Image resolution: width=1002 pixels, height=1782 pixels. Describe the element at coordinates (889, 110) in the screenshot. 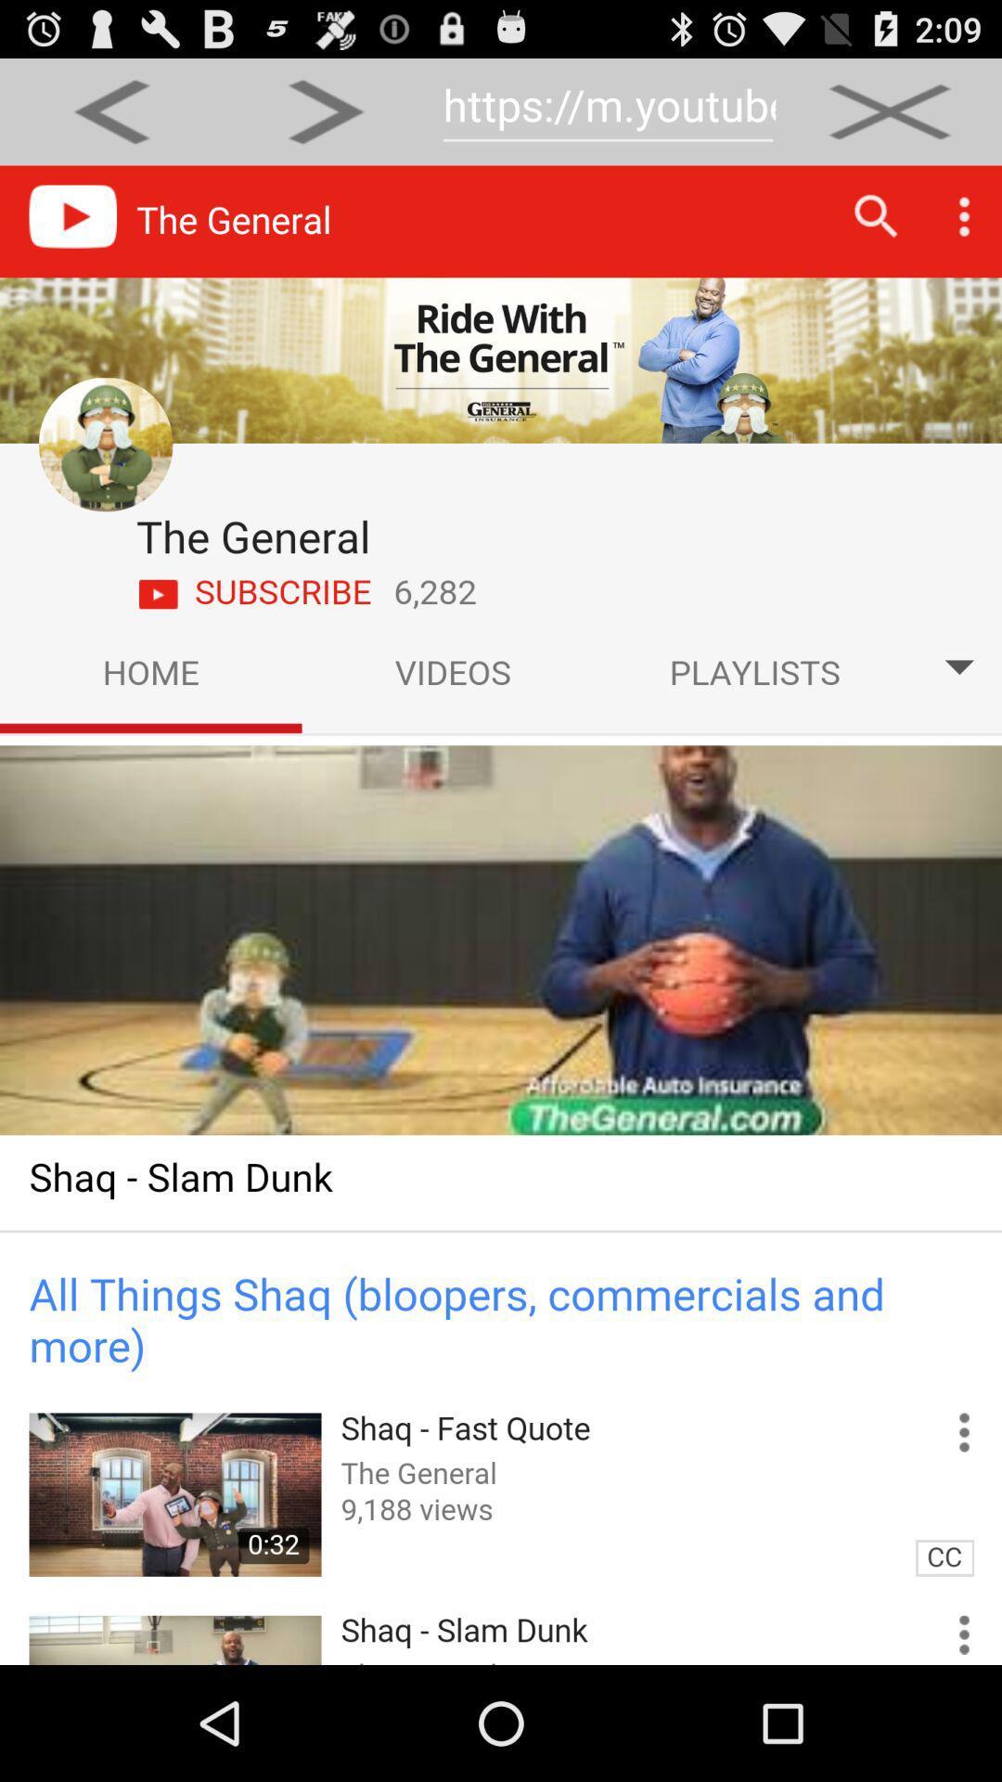

I see `click x button` at that location.